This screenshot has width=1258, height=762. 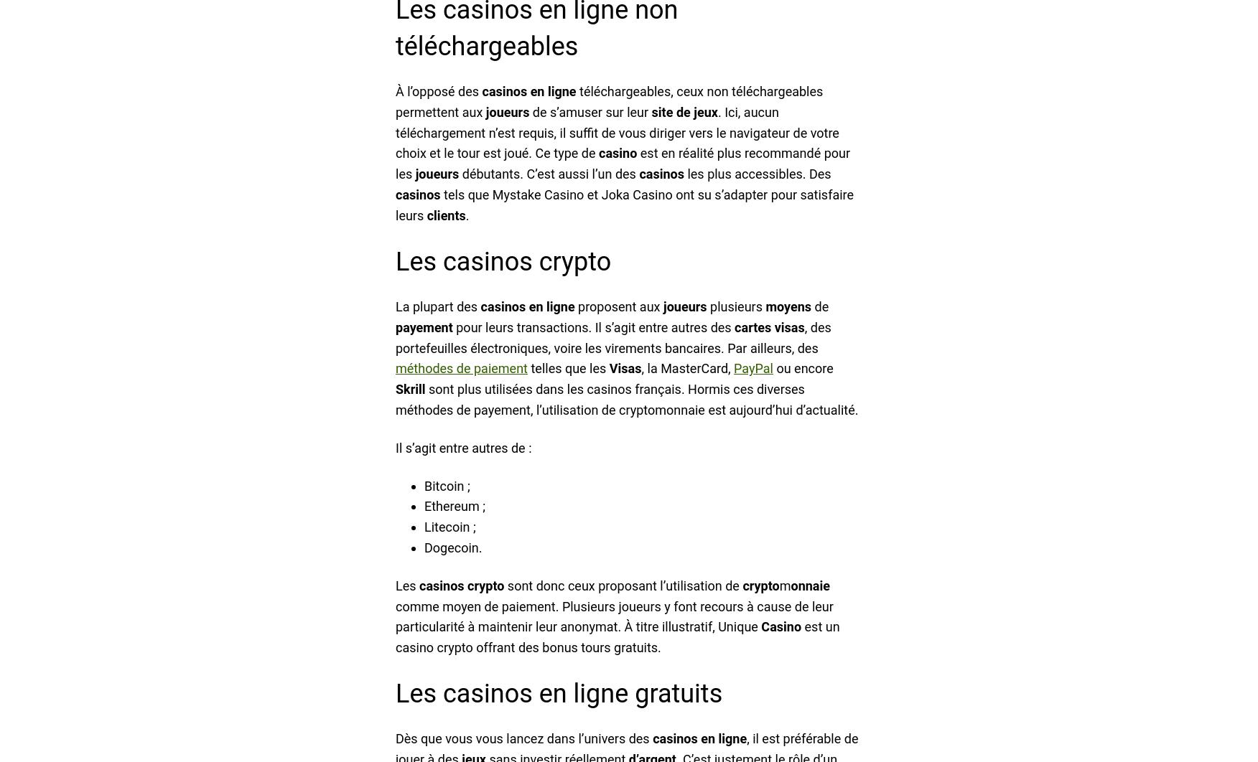 I want to click on 'débutants. C’est aussi l’un des', so click(x=549, y=174).